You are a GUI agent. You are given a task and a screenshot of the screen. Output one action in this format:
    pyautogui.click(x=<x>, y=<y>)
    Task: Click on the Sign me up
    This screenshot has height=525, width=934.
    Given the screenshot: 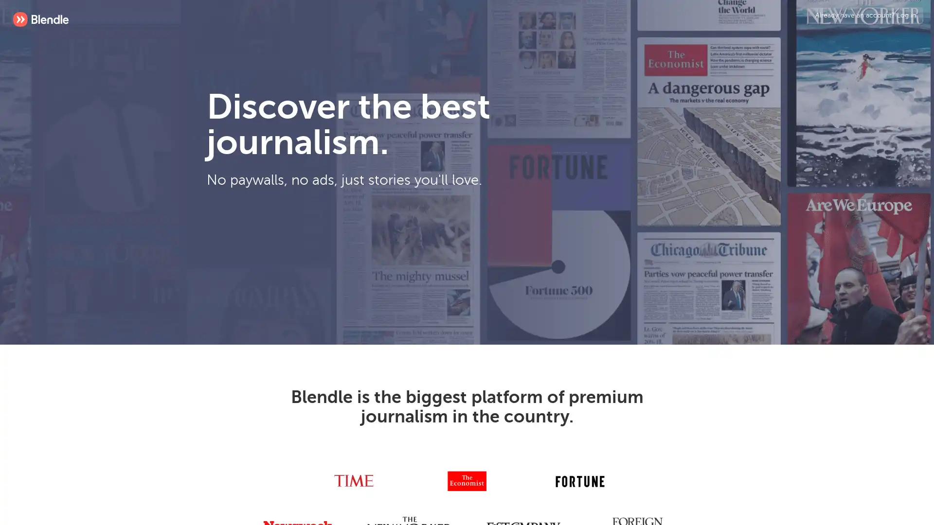 What is the action you would take?
    pyautogui.click(x=385, y=254)
    